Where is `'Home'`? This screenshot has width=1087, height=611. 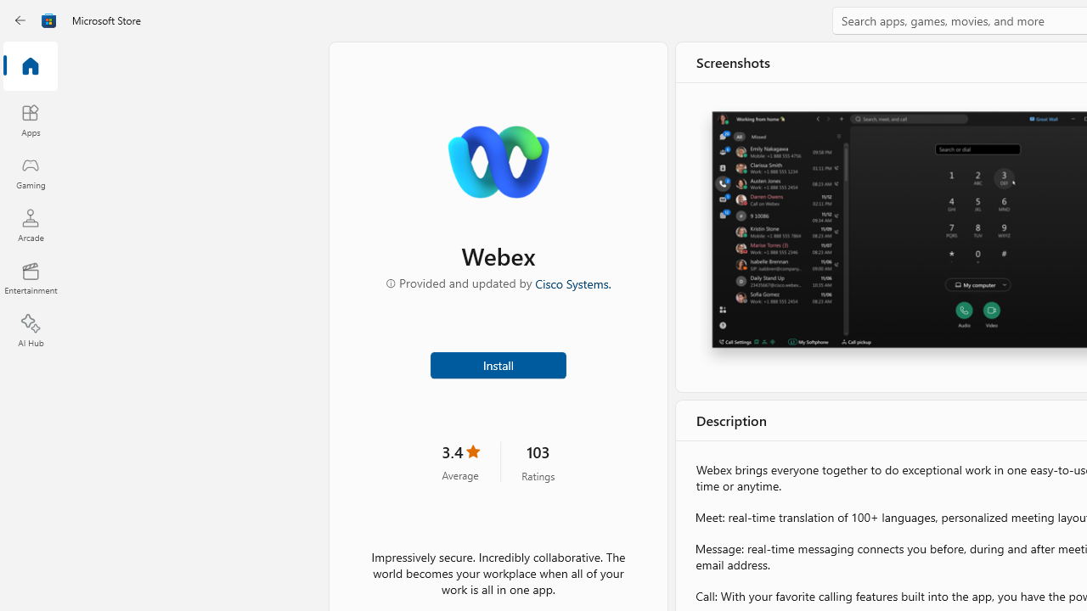
'Home' is located at coordinates (30, 66).